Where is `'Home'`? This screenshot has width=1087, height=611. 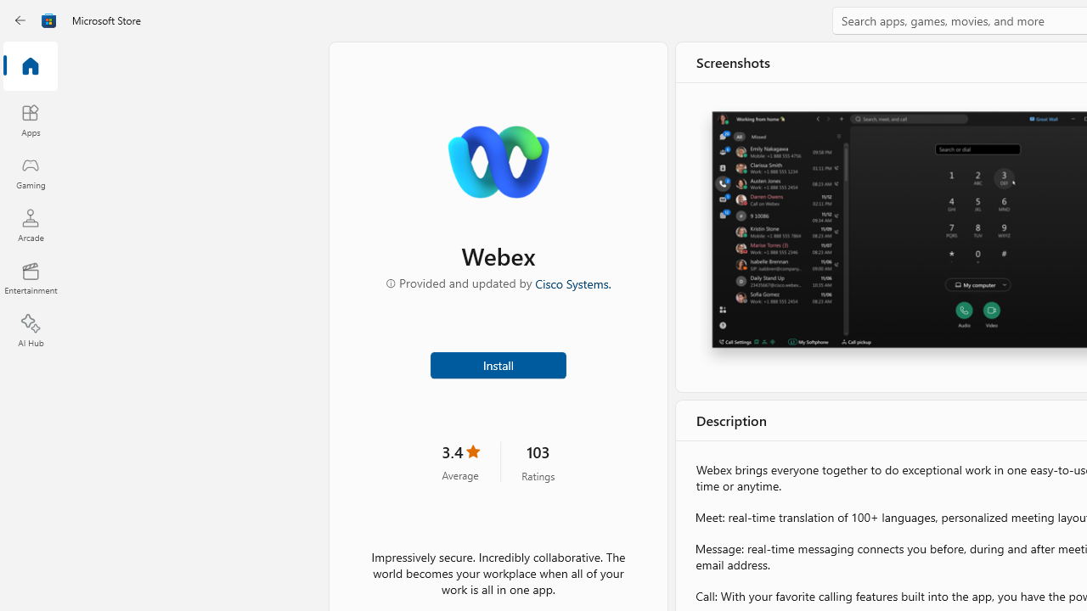
'Home' is located at coordinates (30, 66).